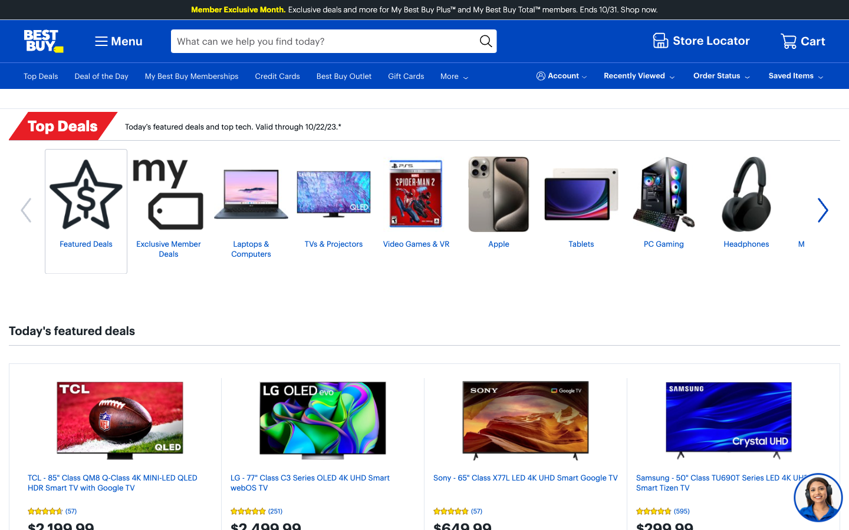 The image size is (849, 530). I want to click on the first option in the Today’s featured deals section, so click(120, 420).